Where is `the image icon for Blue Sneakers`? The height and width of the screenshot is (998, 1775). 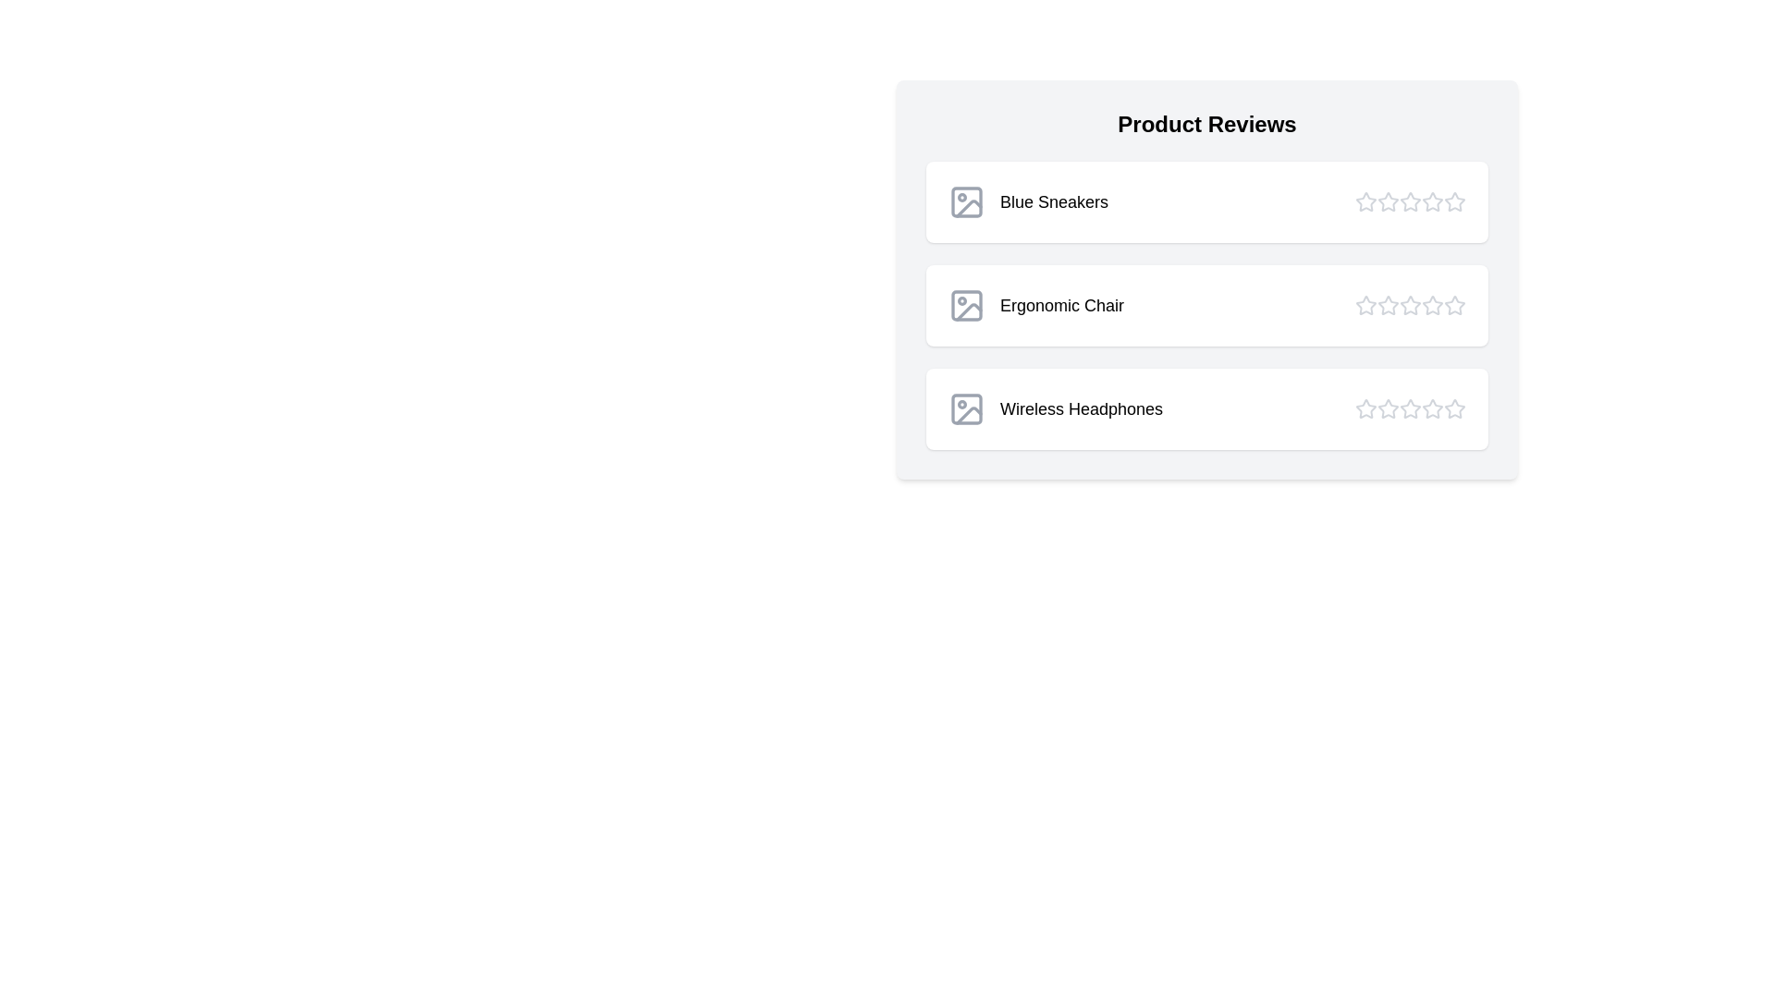 the image icon for Blue Sneakers is located at coordinates (966, 202).